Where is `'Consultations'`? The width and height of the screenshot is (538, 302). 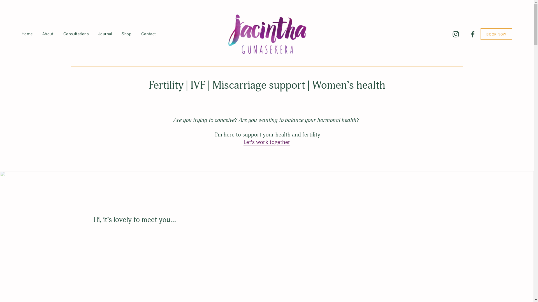
'Consultations' is located at coordinates (63, 34).